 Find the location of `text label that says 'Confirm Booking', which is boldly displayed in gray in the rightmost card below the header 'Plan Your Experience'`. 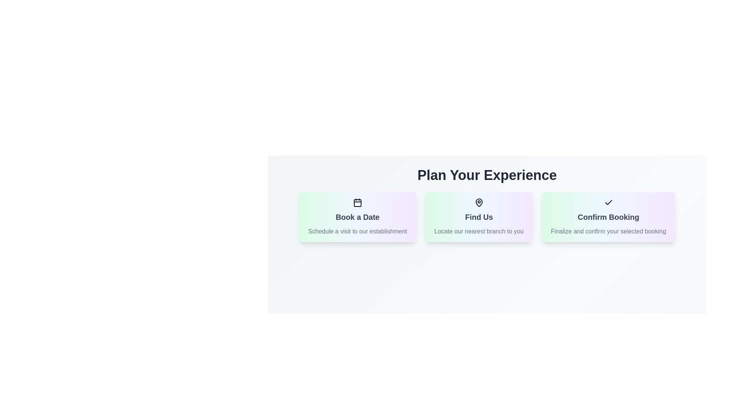

text label that says 'Confirm Booking', which is boldly displayed in gray in the rightmost card below the header 'Plan Your Experience' is located at coordinates (608, 217).